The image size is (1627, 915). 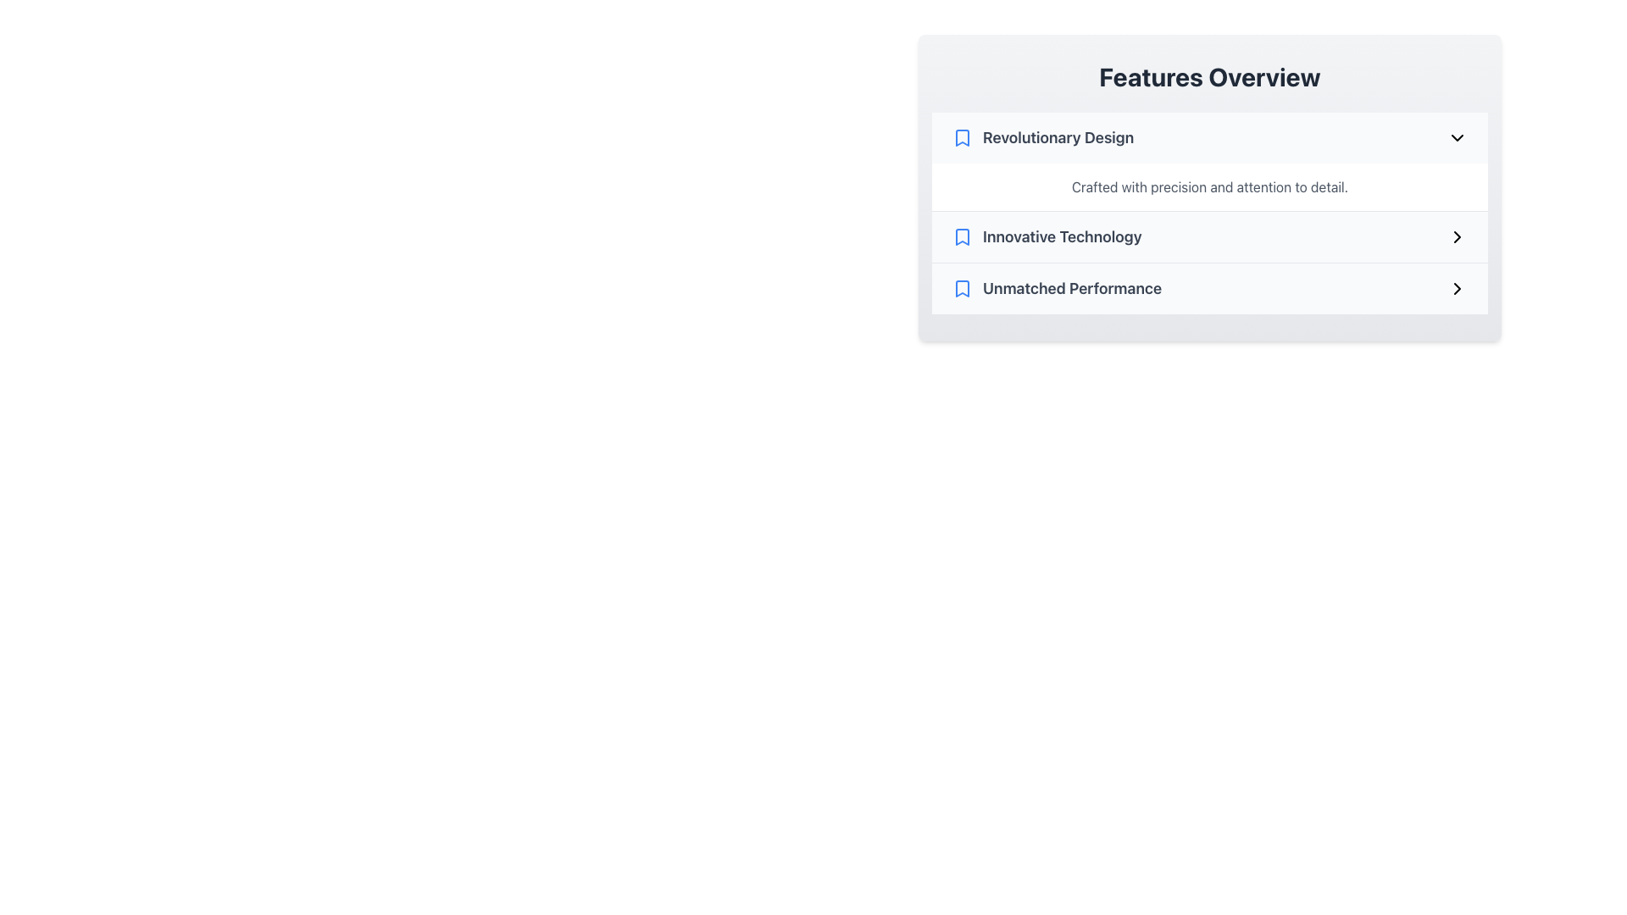 What do you see at coordinates (1209, 136) in the screenshot?
I see `the Interactive List Item Header labeled 'Revolutionary Design' for keyboard navigation` at bounding box center [1209, 136].